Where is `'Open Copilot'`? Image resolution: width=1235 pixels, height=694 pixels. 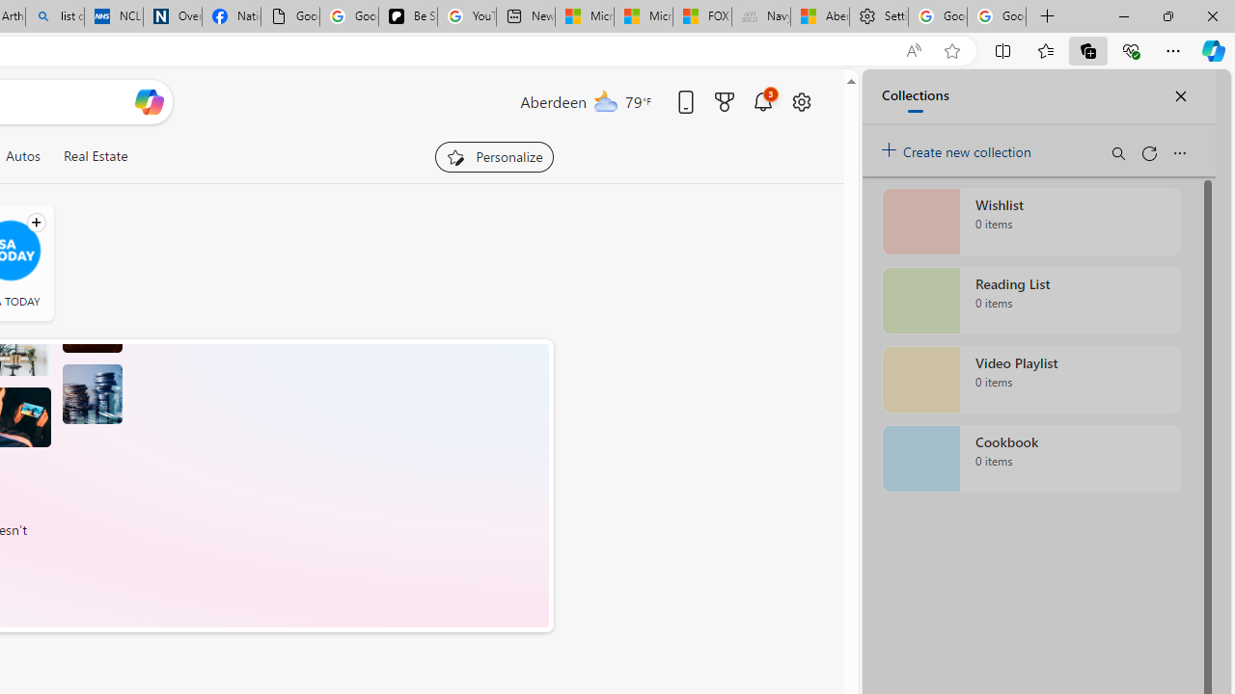 'Open Copilot' is located at coordinates (149, 101).